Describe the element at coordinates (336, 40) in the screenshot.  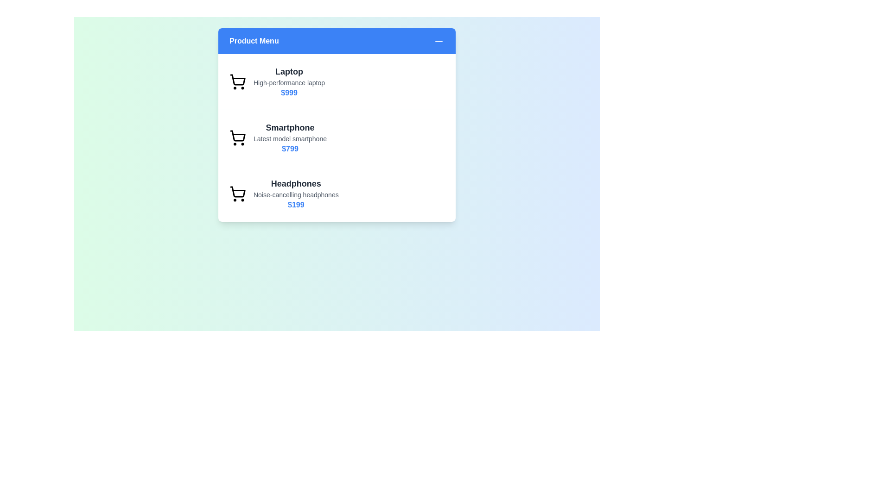
I see `'Product Menu' button to toggle the menu open or closed` at that location.